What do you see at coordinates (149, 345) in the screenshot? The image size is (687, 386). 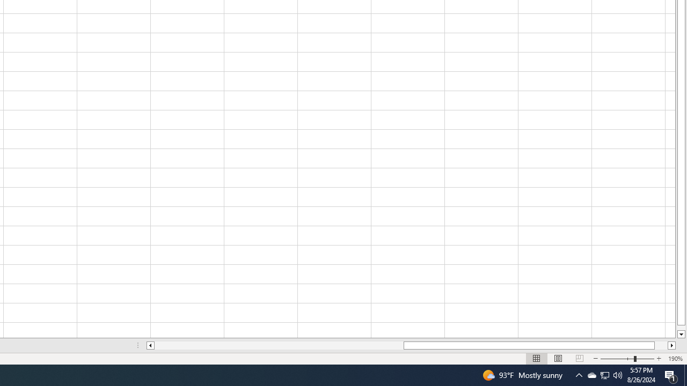 I see `'Column left'` at bounding box center [149, 345].